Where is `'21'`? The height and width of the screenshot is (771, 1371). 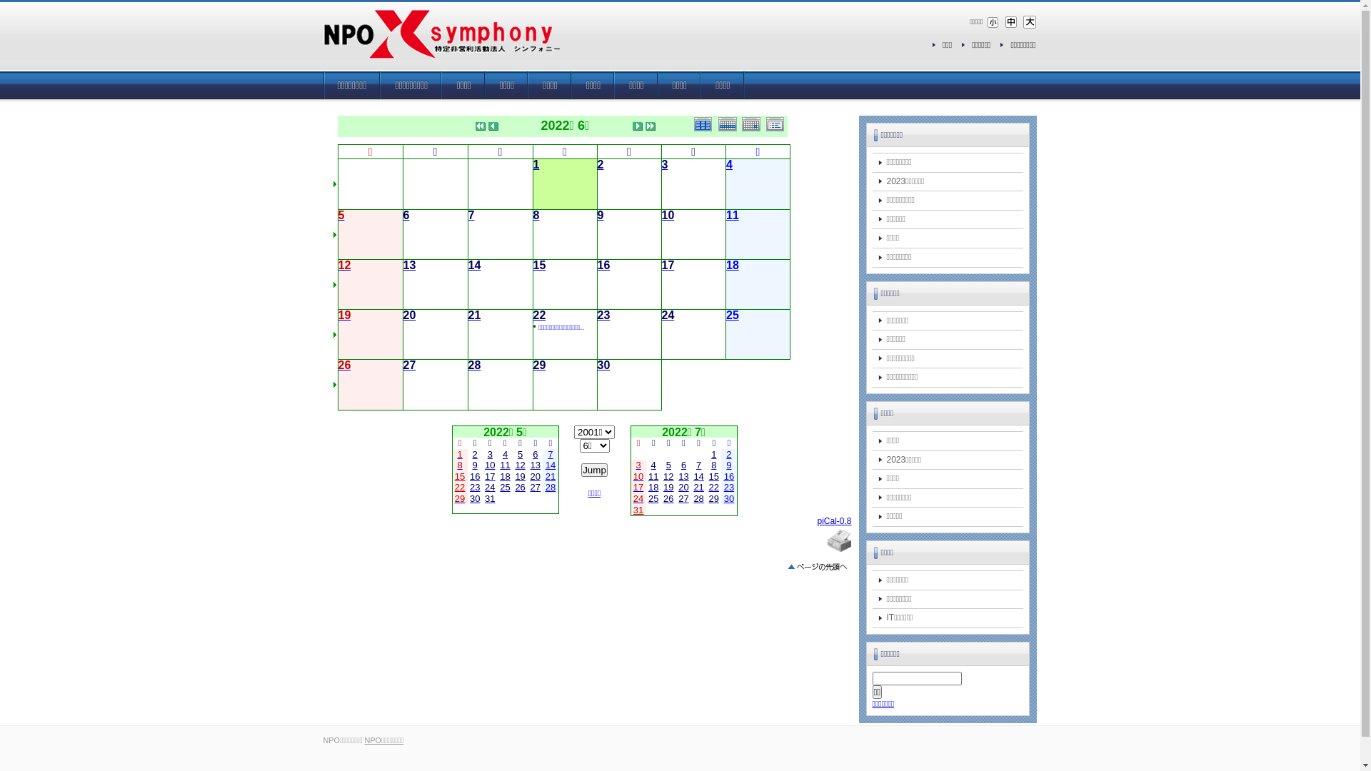
'21' is located at coordinates (475, 316).